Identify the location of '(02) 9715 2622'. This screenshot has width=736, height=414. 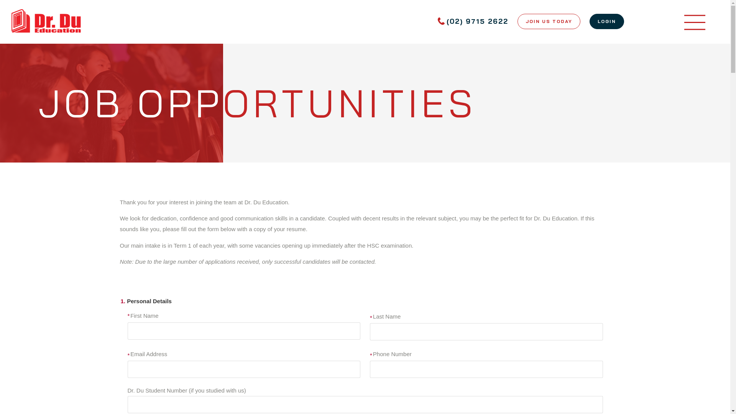
(472, 21).